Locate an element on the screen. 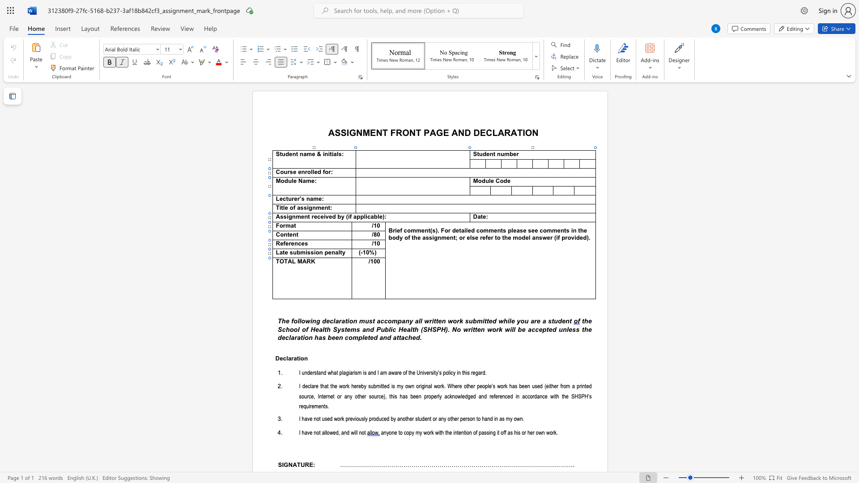 The width and height of the screenshot is (859, 483). the 1th character "A" in the text is located at coordinates (455, 132).